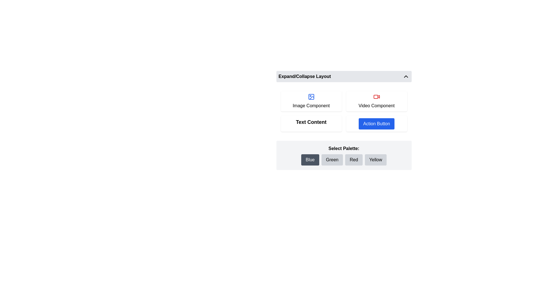  I want to click on the Chevron Up icon, which is a minimalistic upward-pointing arrow located at the far-right end of the header bar labeled 'Expand/Collapse Layout', so click(406, 77).